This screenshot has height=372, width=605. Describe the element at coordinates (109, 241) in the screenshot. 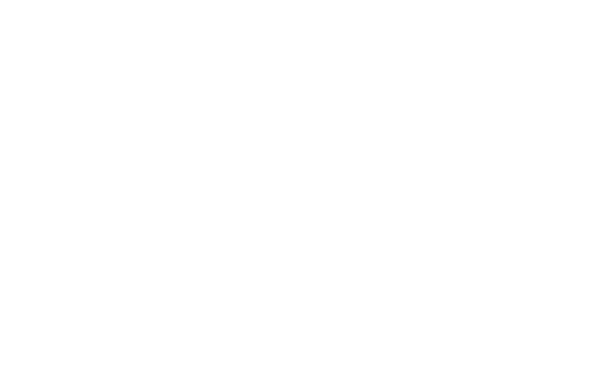

I see `'Subscribe'` at that location.